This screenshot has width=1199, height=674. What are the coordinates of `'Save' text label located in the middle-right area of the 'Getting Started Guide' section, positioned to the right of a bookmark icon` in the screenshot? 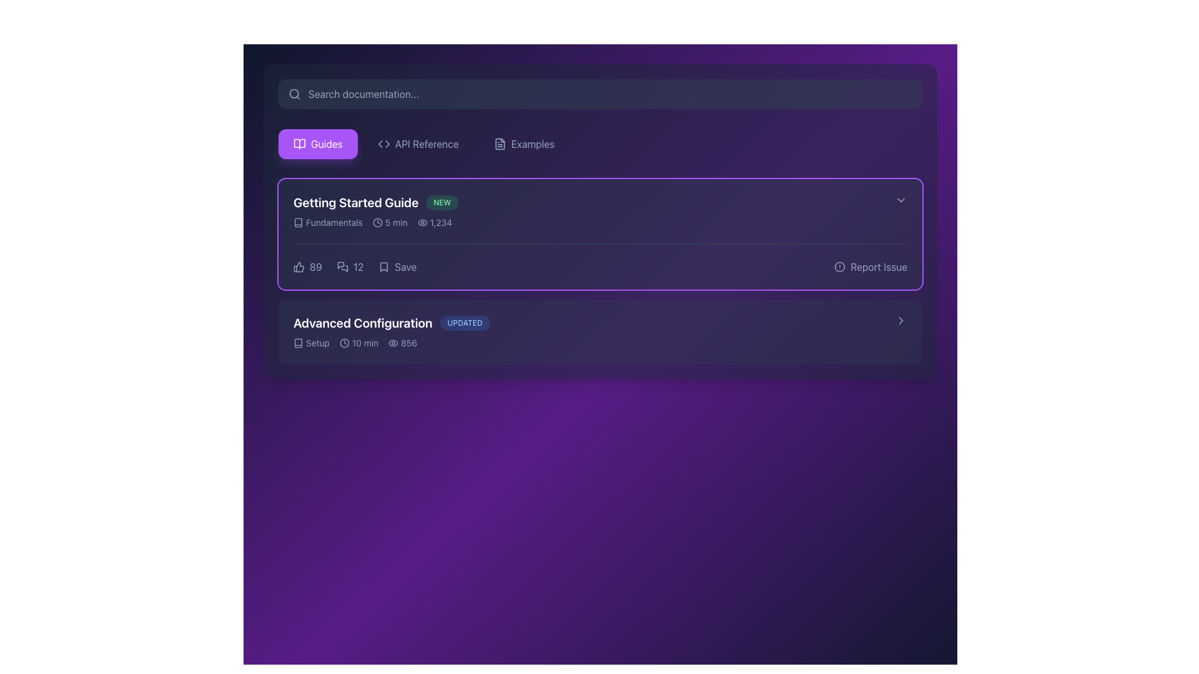 It's located at (405, 266).